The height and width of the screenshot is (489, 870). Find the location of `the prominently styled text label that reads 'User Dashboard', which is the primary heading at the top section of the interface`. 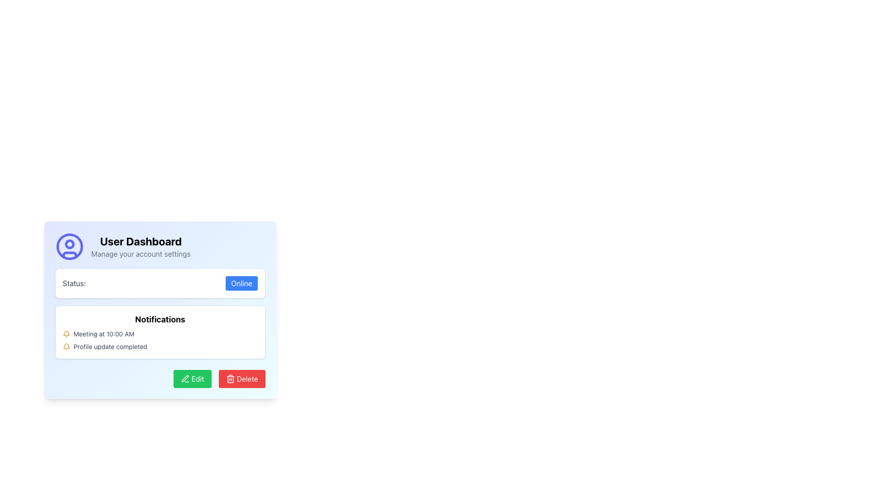

the prominently styled text label that reads 'User Dashboard', which is the primary heading at the top section of the interface is located at coordinates (140, 240).